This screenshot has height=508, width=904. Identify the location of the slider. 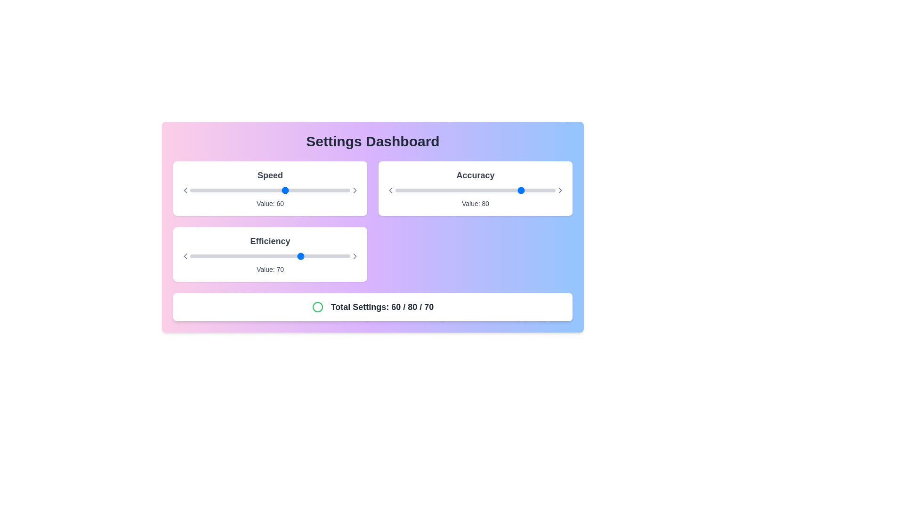
(337, 190).